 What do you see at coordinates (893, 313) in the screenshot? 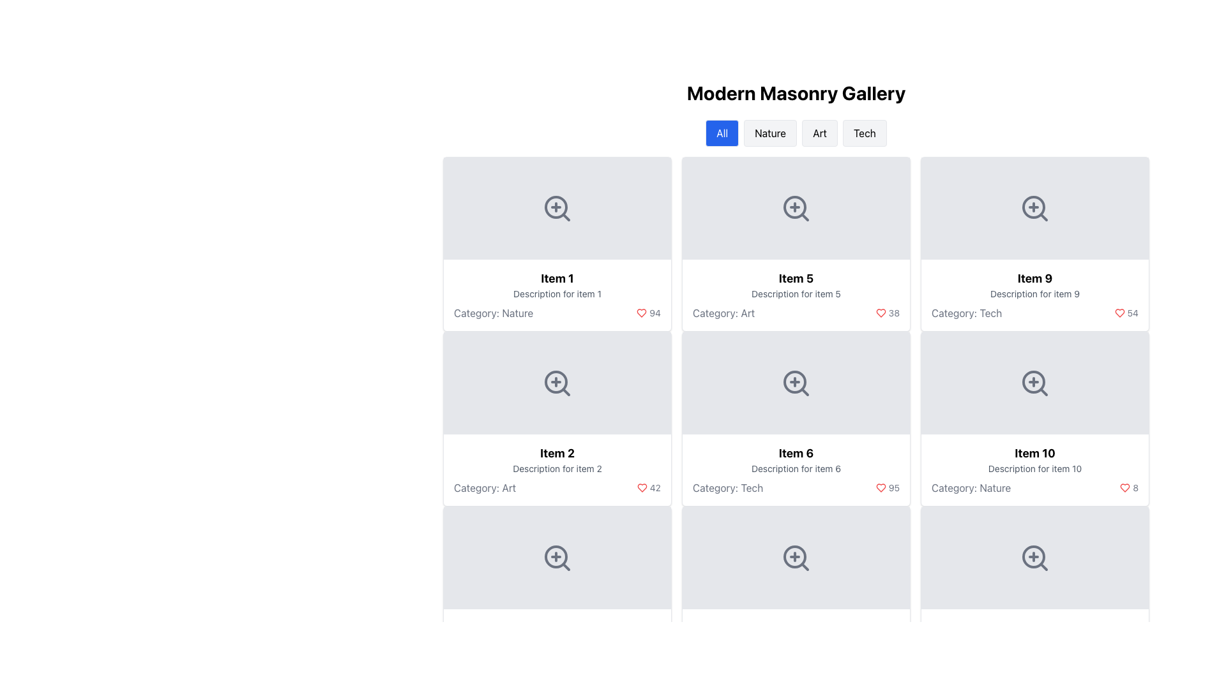
I see `the metadata display showing '38 likes' for 'Item 5'` at bounding box center [893, 313].